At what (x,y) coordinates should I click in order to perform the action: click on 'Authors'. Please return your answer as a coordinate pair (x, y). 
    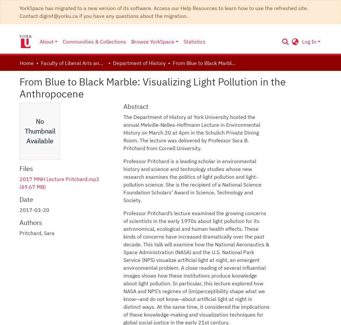
    Looking at the image, I should click on (31, 222).